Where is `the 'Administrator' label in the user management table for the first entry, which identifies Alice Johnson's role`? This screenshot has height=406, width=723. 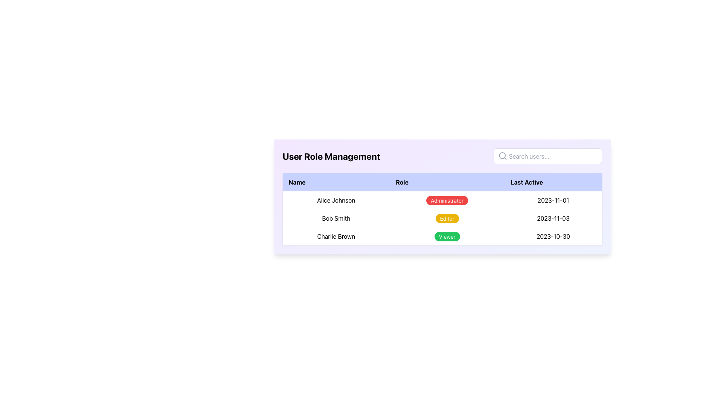 the 'Administrator' label in the user management table for the first entry, which identifies Alice Johnson's role is located at coordinates (447, 200).